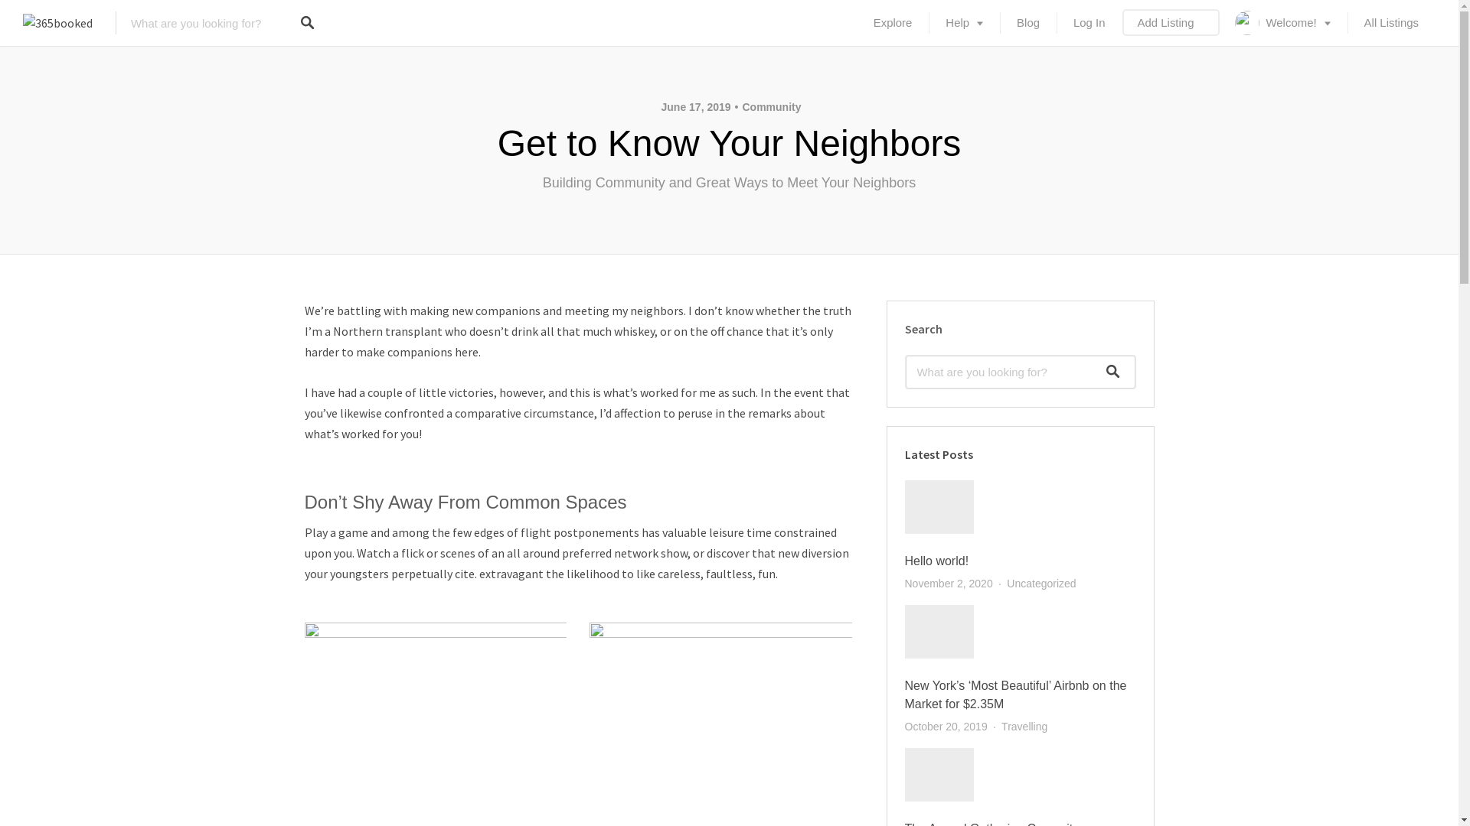 This screenshot has width=1470, height=826. Describe the element at coordinates (946, 725) in the screenshot. I see `'October 20, 2019'` at that location.